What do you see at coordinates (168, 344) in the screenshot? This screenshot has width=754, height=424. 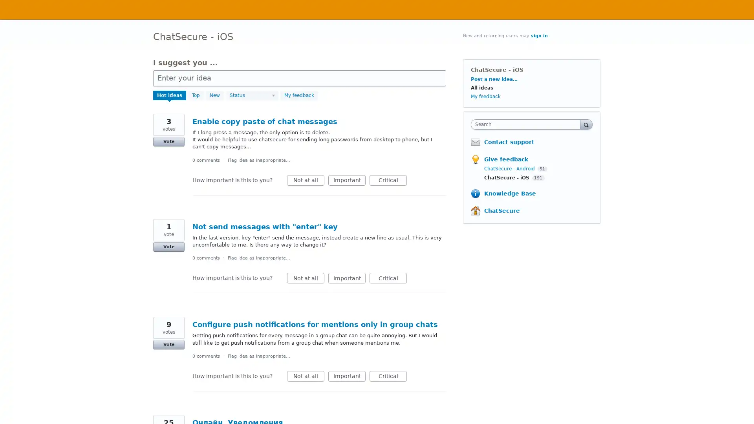 I see `Vote` at bounding box center [168, 344].